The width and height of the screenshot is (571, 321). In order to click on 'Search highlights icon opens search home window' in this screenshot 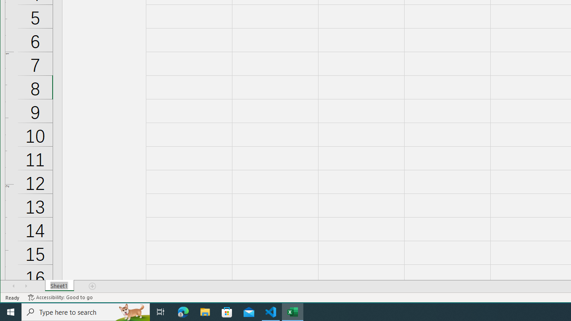, I will do `click(131, 311)`.